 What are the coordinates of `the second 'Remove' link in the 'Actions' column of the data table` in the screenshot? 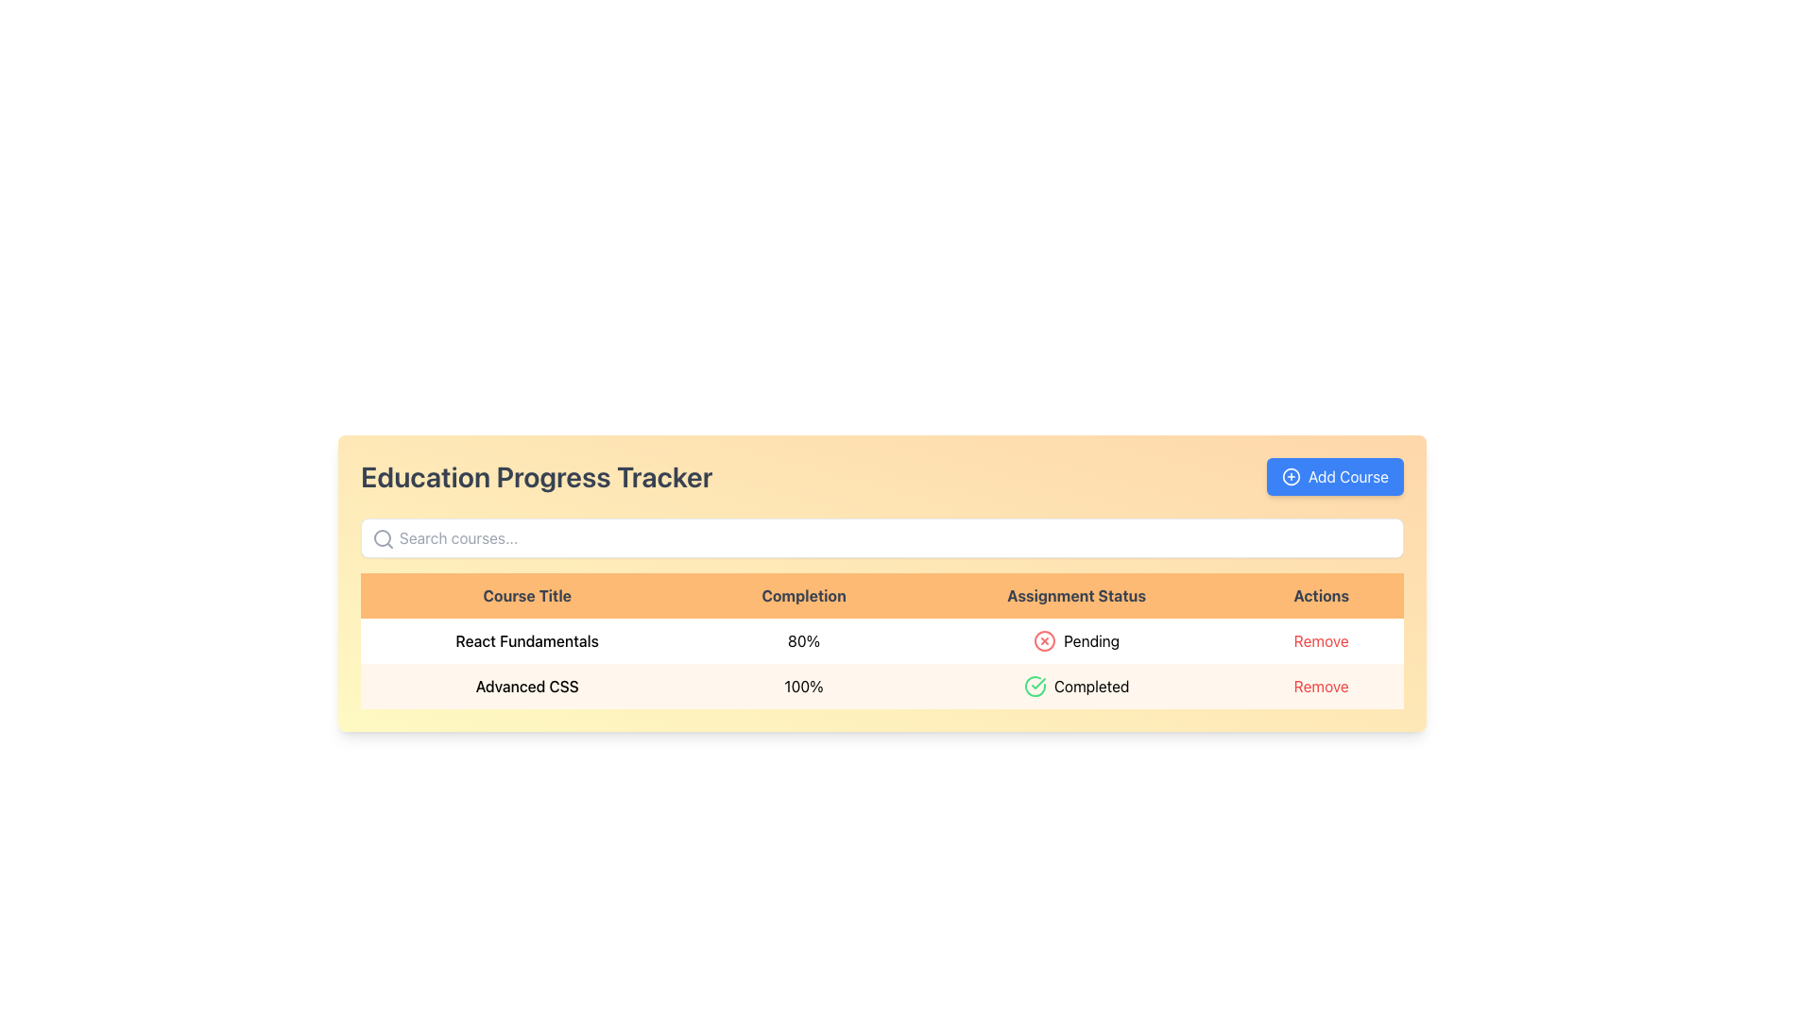 It's located at (1320, 686).